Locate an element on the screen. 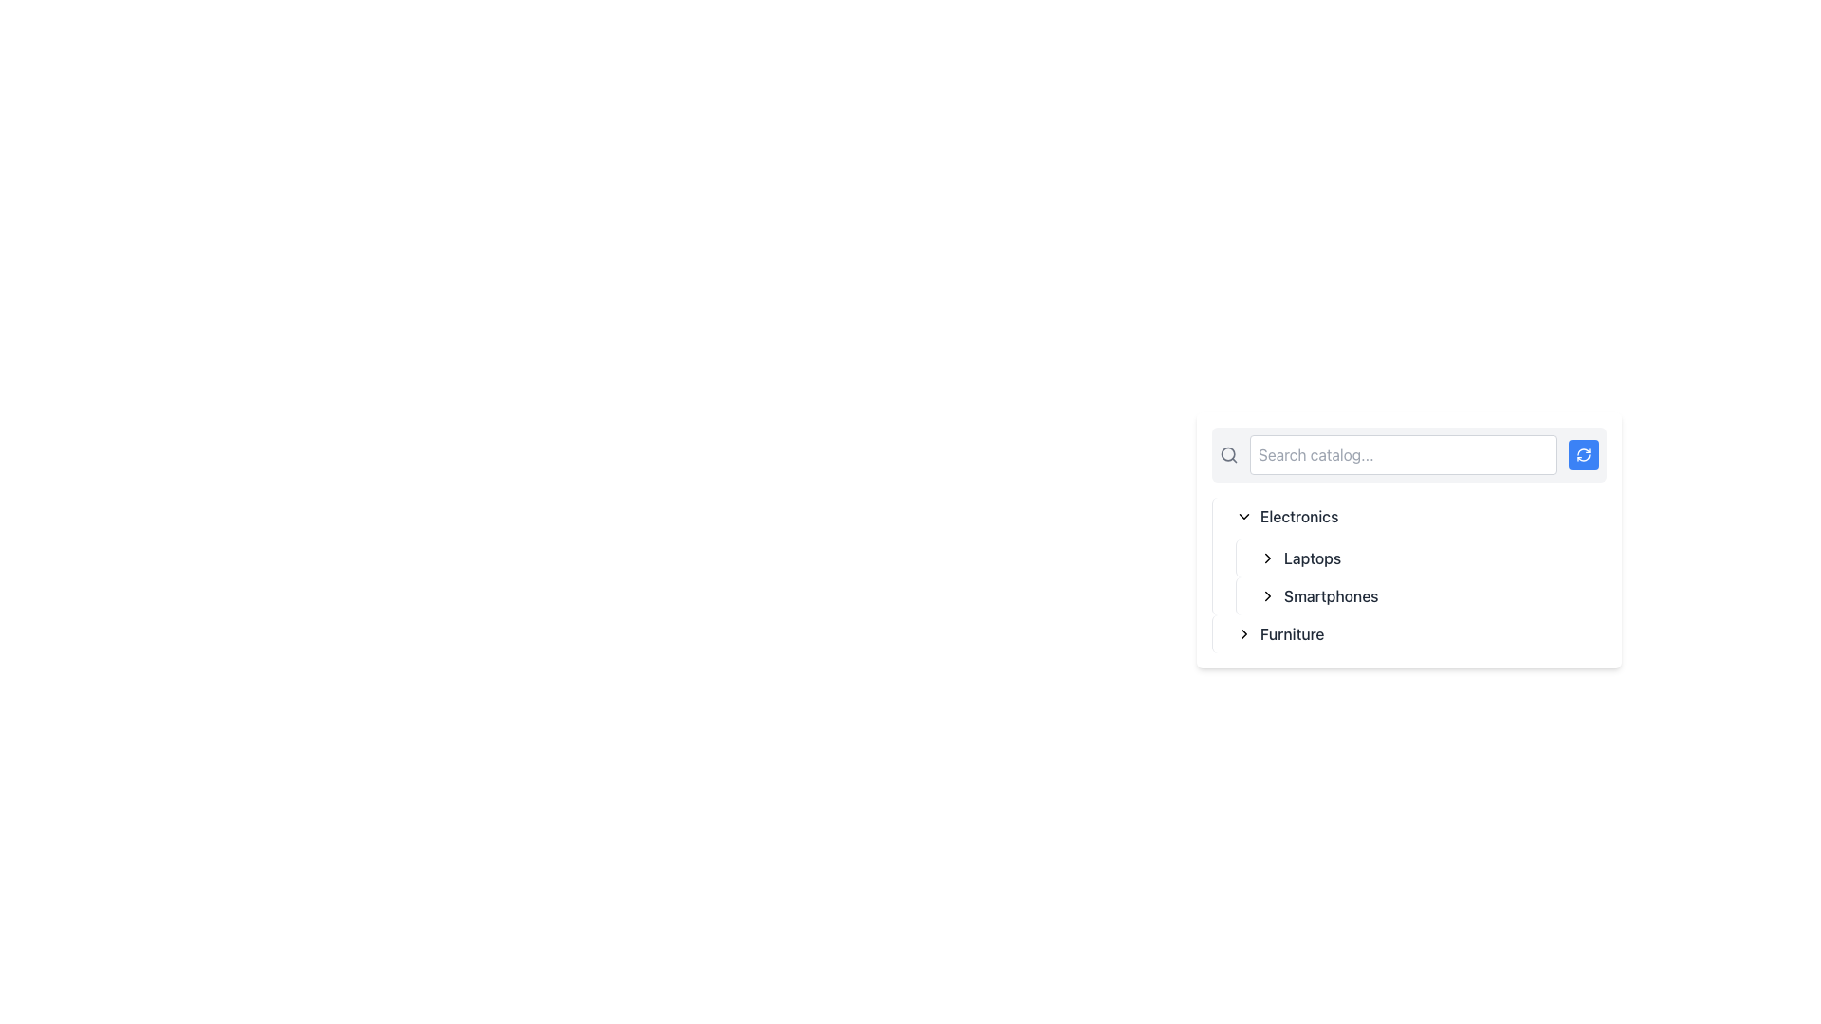 The image size is (1821, 1024). the 'Furniture' interactive list item, which is the fourth item is located at coordinates (1409, 633).